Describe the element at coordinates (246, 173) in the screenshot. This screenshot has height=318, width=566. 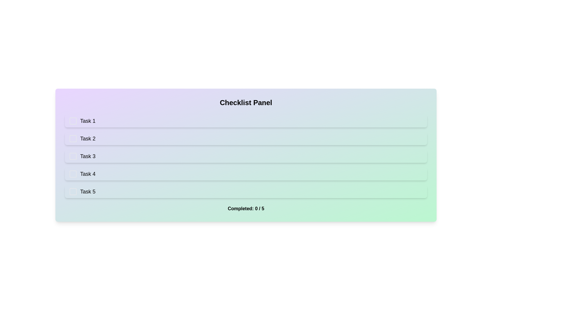
I see `the checklist item Task 4` at that location.